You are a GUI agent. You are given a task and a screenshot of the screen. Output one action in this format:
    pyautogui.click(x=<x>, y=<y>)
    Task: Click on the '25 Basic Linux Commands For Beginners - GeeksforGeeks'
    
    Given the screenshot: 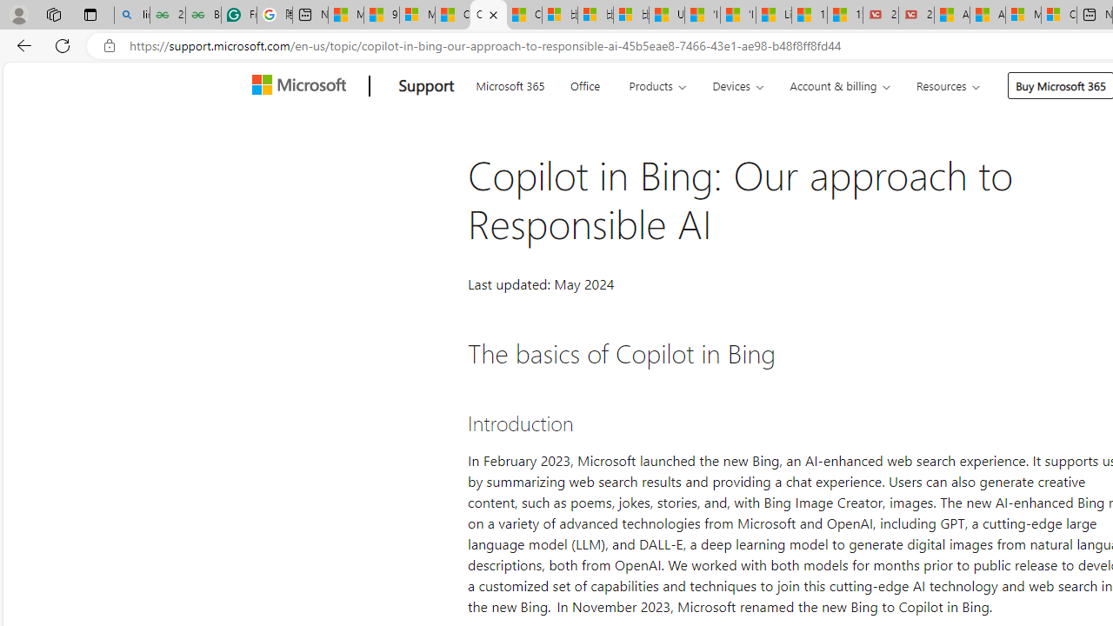 What is the action you would take?
    pyautogui.click(x=167, y=15)
    